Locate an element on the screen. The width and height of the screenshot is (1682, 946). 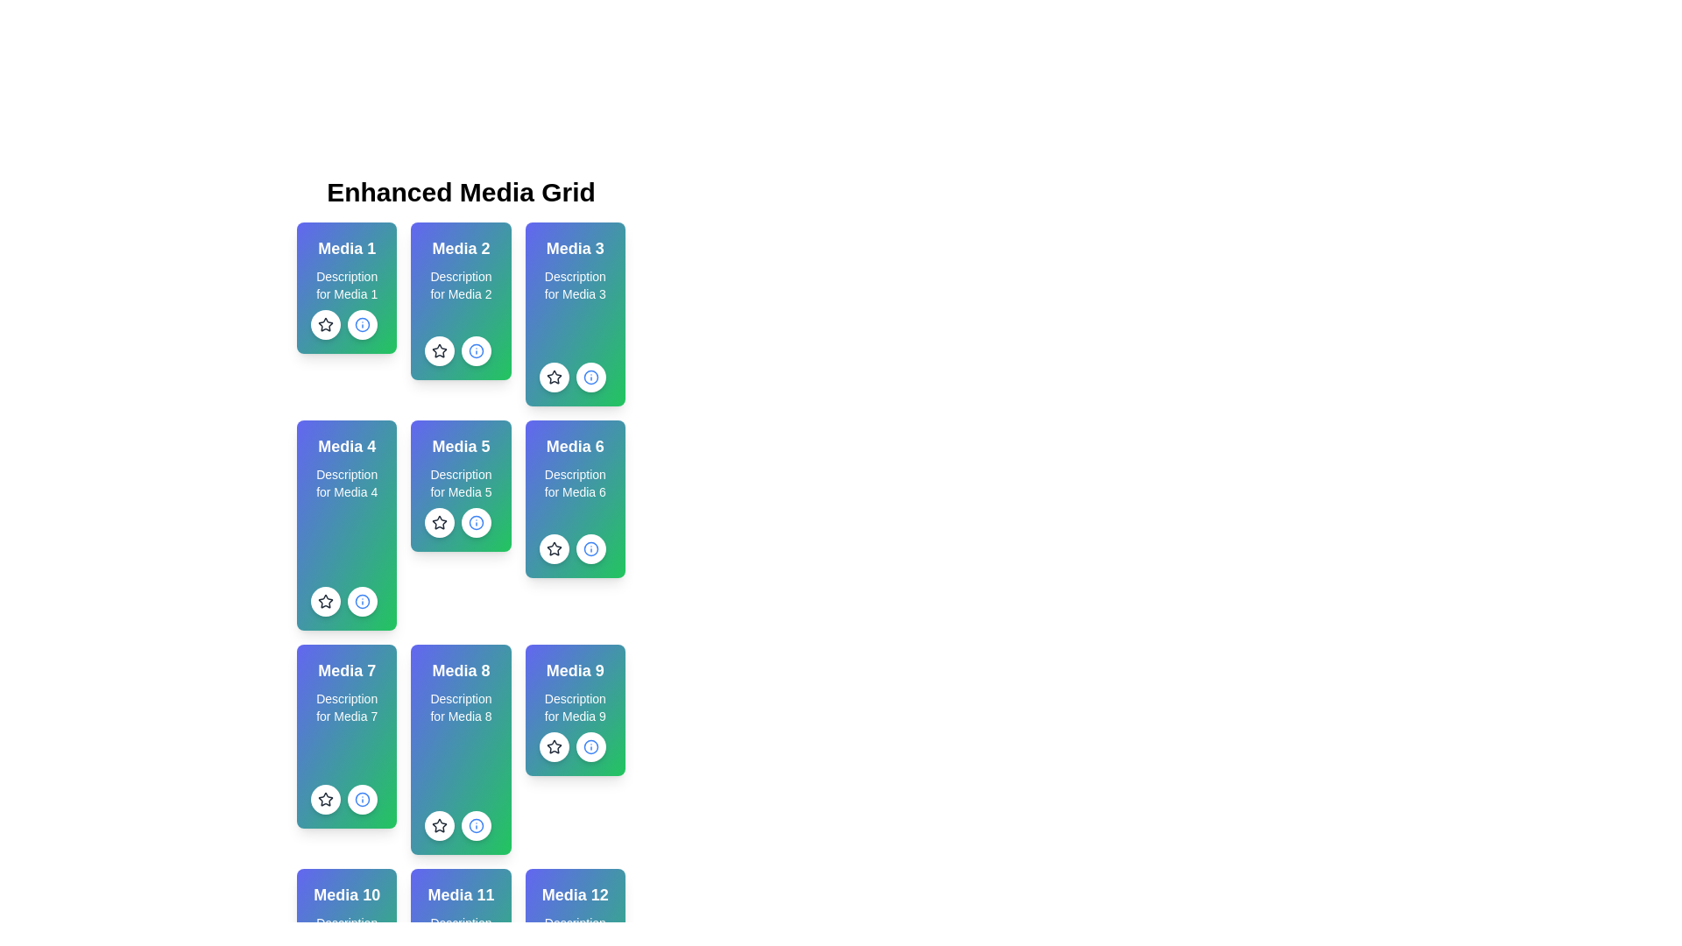
the text label displaying 'Media 1' for accessibility navigation is located at coordinates (347, 249).